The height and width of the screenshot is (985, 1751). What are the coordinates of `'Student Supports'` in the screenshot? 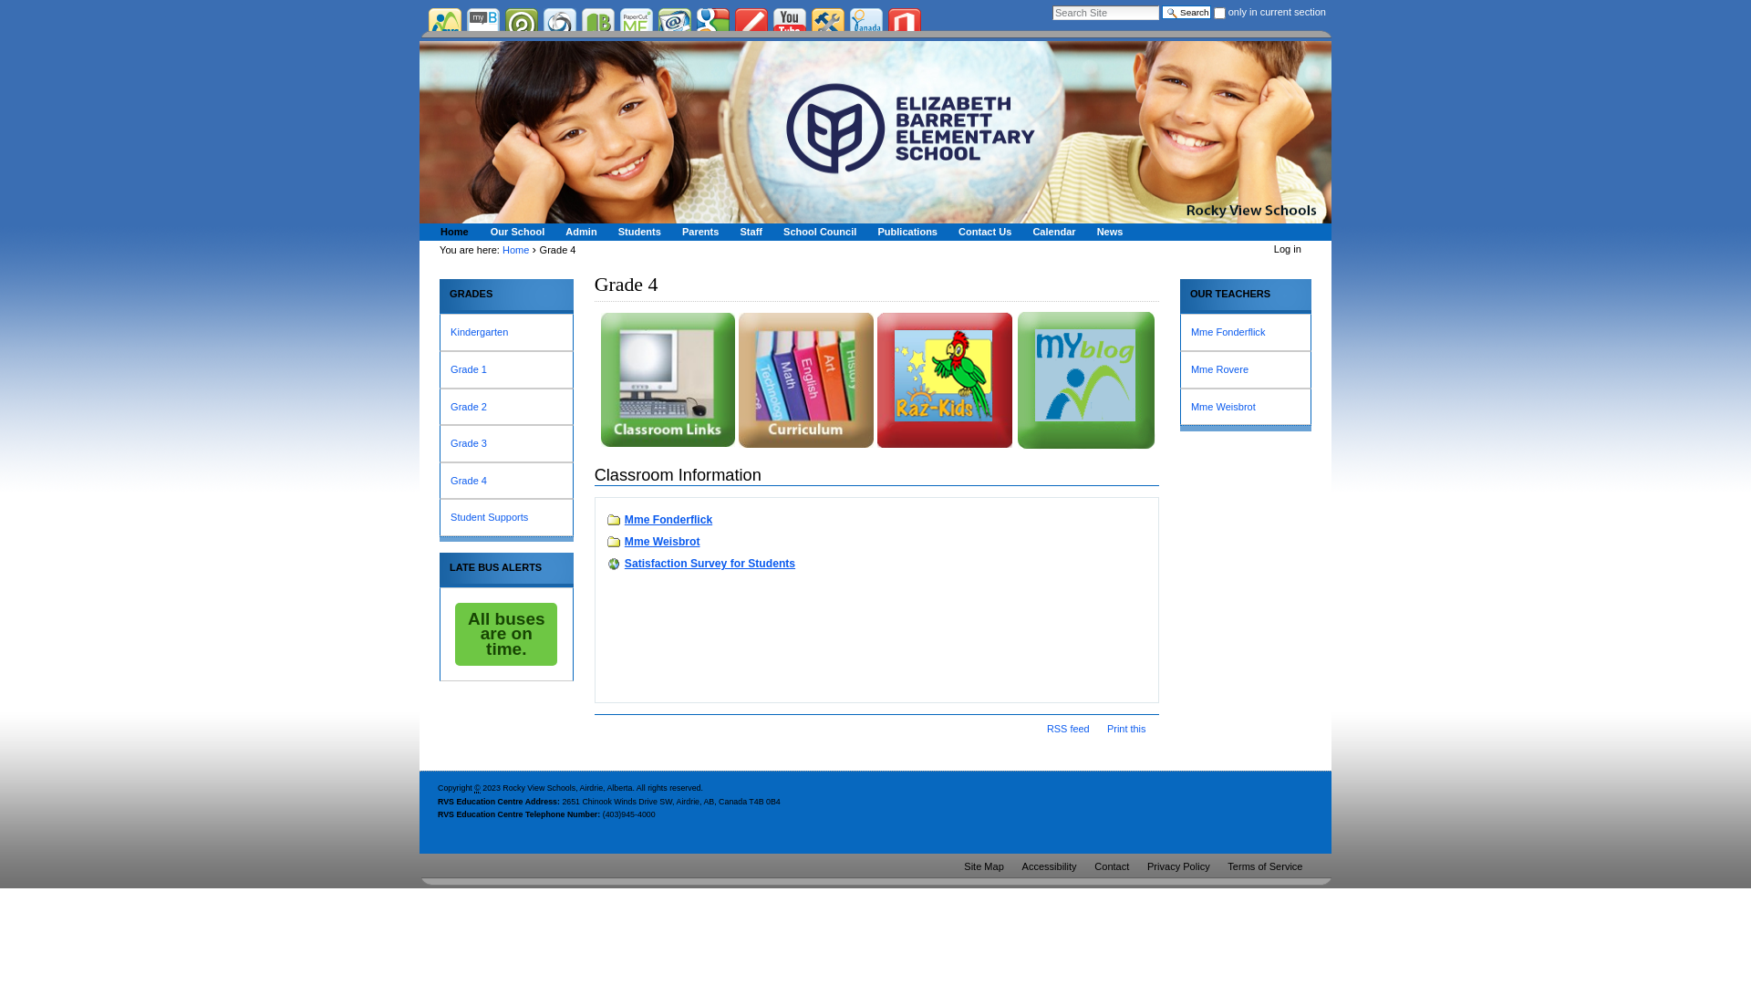 It's located at (506, 517).